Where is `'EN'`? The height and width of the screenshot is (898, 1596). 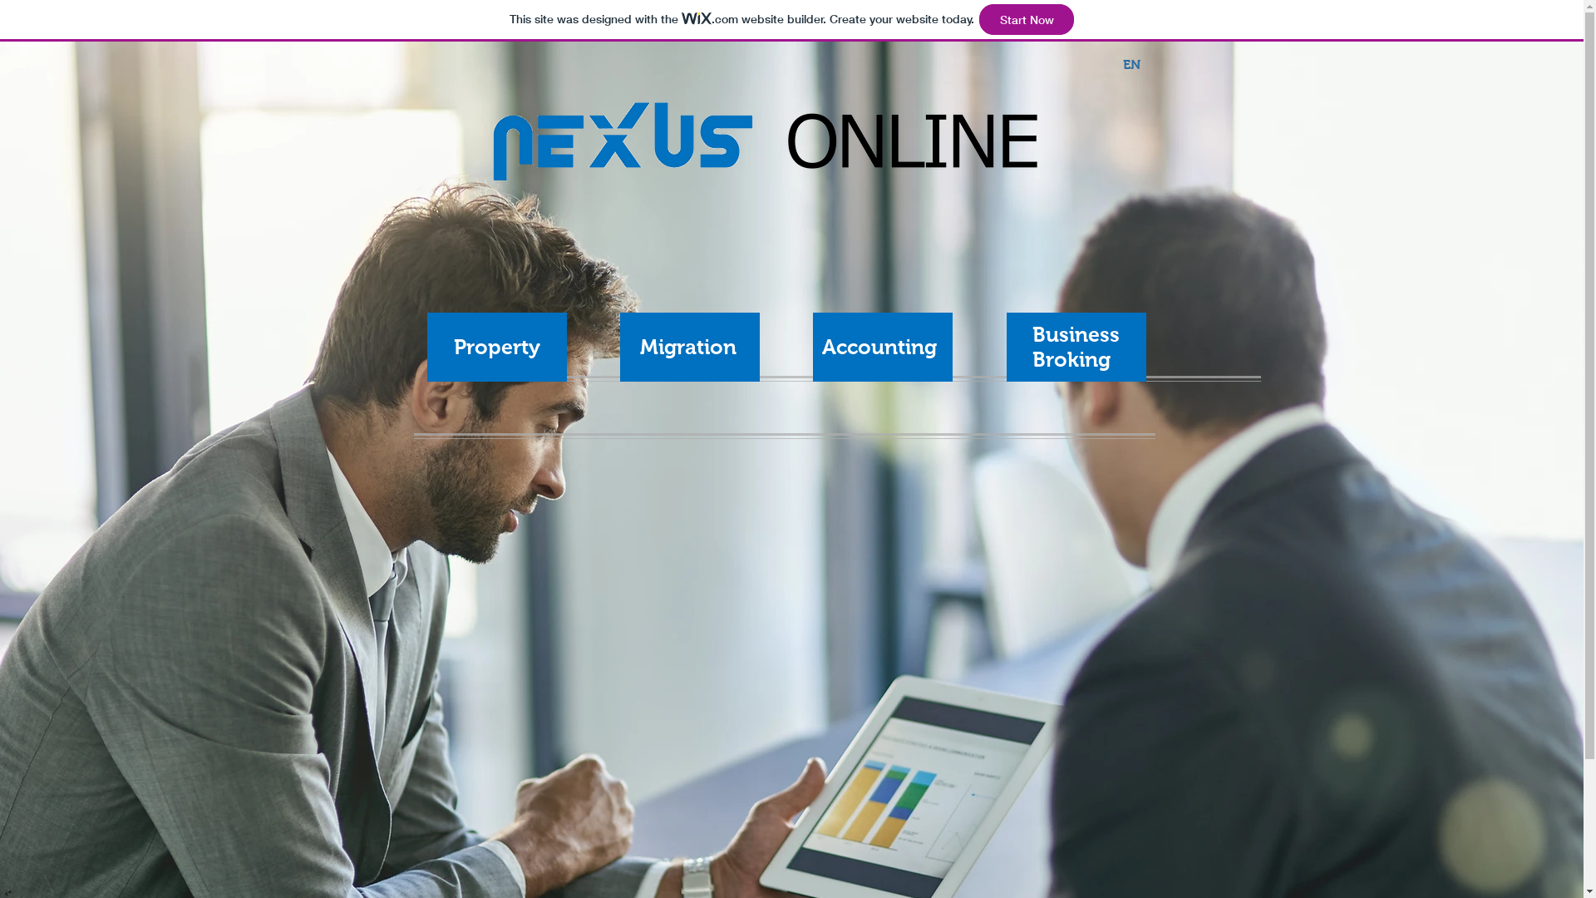 'EN' is located at coordinates (1131, 64).